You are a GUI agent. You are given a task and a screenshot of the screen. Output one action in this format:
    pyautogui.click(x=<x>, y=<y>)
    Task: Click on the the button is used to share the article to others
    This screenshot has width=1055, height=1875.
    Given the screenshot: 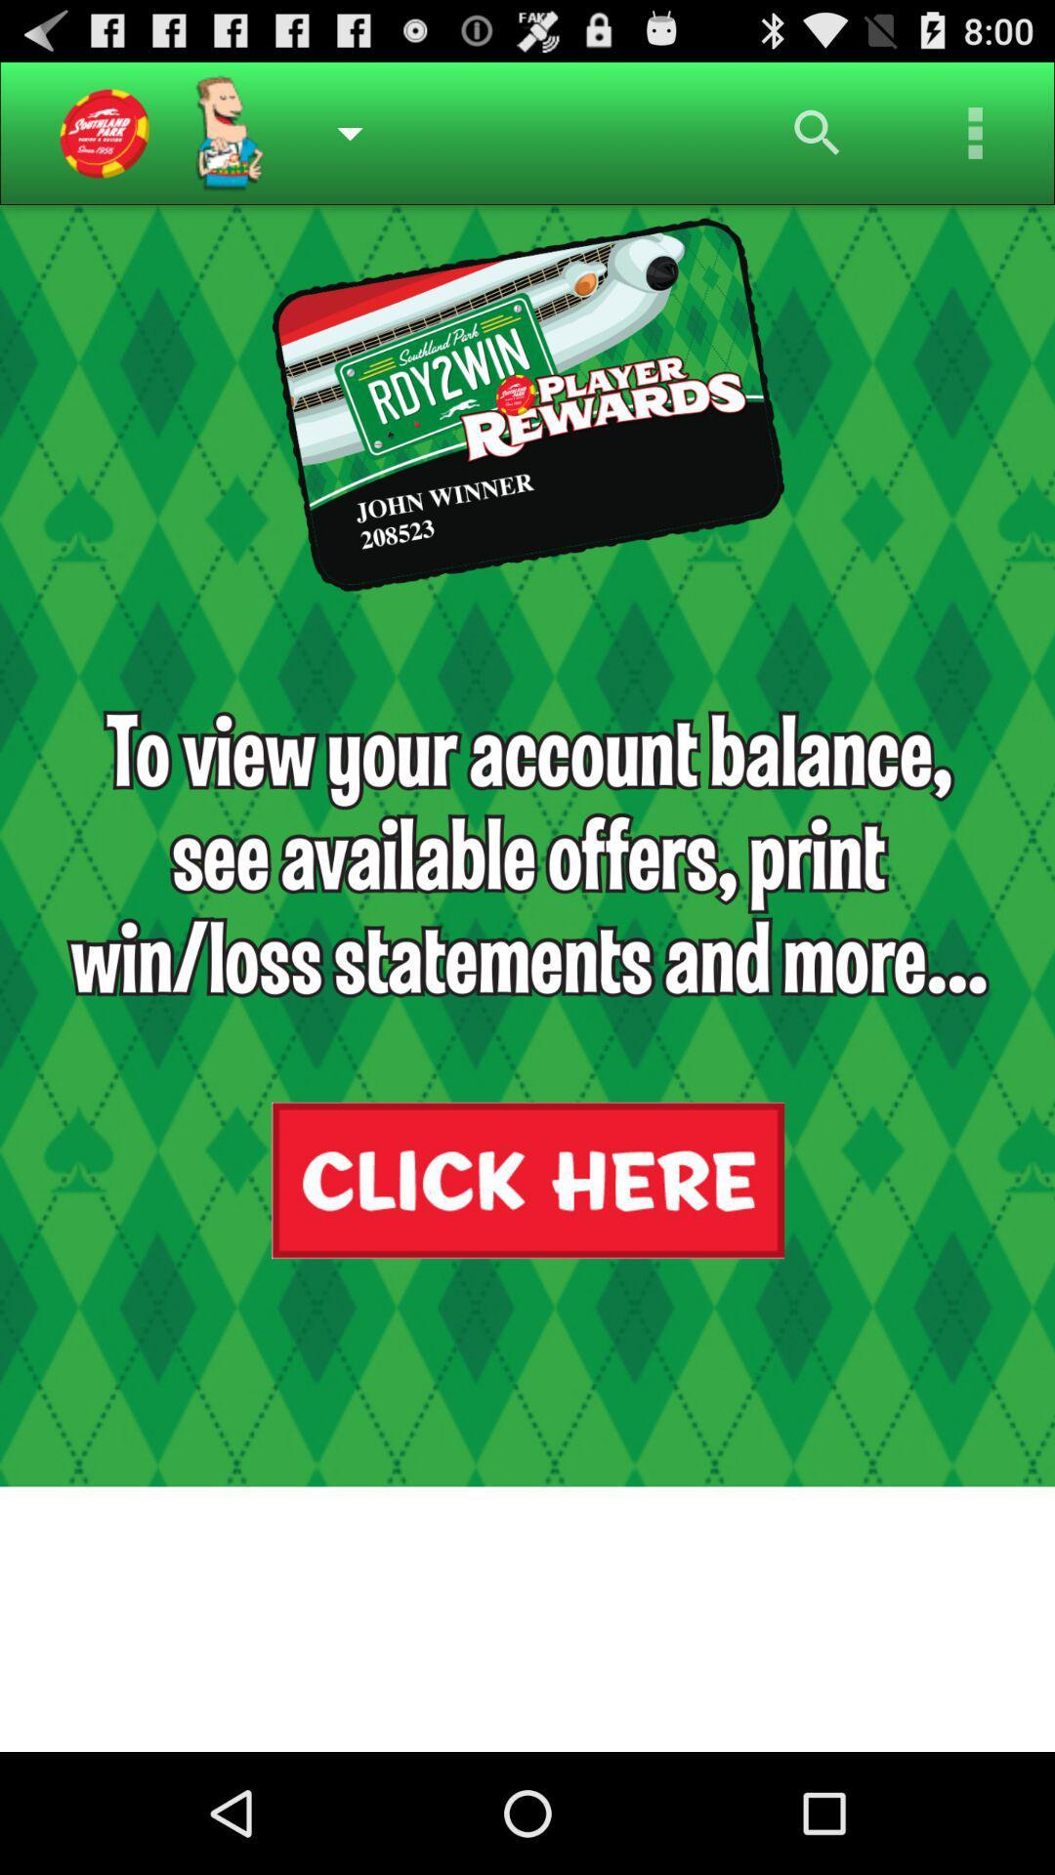 What is the action you would take?
    pyautogui.click(x=976, y=132)
    